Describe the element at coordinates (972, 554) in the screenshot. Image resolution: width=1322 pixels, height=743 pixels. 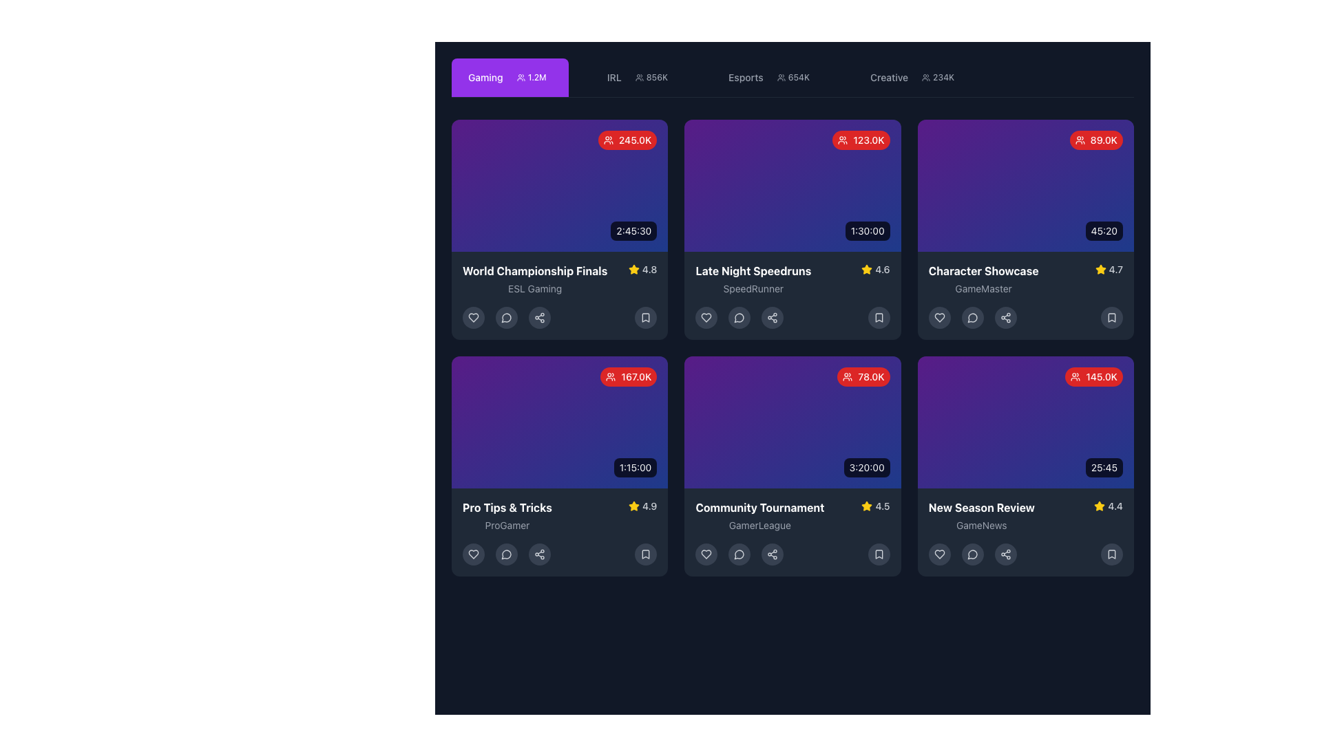
I see `the messaging icon located in the bottom-right corner of the 'New Season Review' card, which is the third icon in the row of interactive icons` at that location.